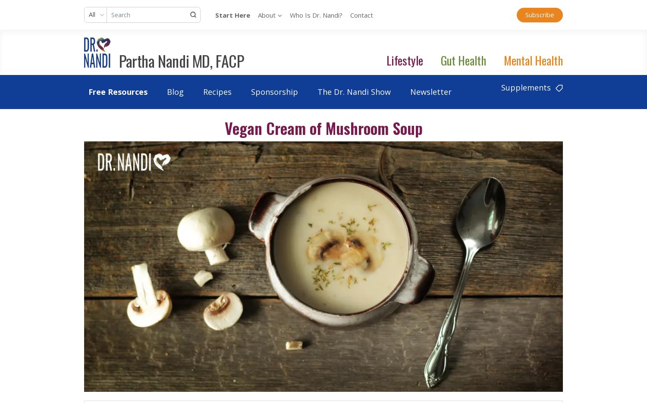 The height and width of the screenshot is (403, 647). What do you see at coordinates (361, 14) in the screenshot?
I see `'Contact'` at bounding box center [361, 14].